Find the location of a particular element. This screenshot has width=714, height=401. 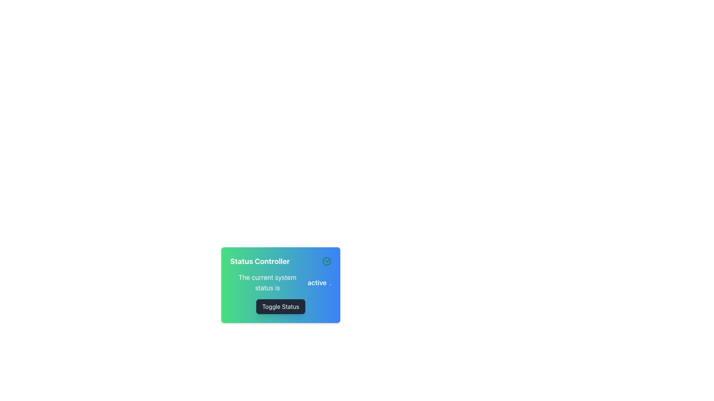

the green checkmark icon within the SVG graphic located in the top-right area of the 'Status Controller' card, which is slightly above and to the right of the text 'active' is located at coordinates (328, 260).